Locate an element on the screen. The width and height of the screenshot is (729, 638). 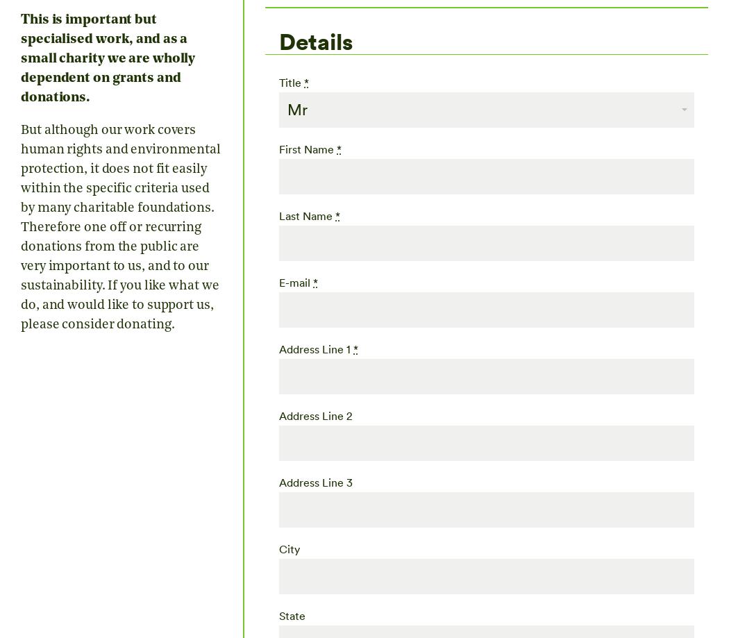
'Address Line 1' is located at coordinates (316, 347).